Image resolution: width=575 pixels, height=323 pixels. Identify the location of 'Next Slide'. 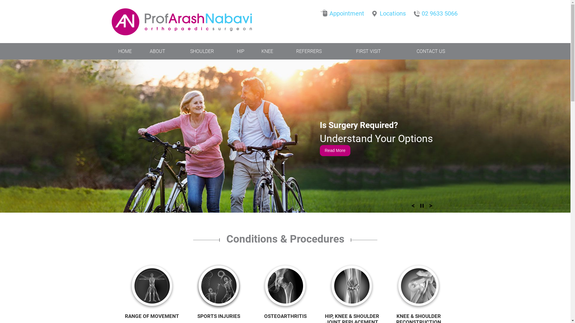
(431, 207).